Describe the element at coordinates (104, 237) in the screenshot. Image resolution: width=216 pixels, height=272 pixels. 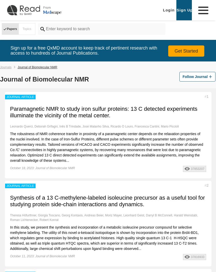
I see `'In this study, we present the synthesis and incorporation of a metabolic isoleucine precursor compound for selective methylene labeling. The utility of this novel α-ketoacid isotopologue is shown by incorporation into the protein Brd4-BD1, which regulates gene expression by binding to acetylated histones. High quality single quantum 13 C-1  H-HSQC were obtained, as well as triple quantum HTQC spectra, which are superior in terms of significantly increased 13 C-T2 times. Additionally, large chemical shift perturbations upon ligand binding were observed...'` at that location.